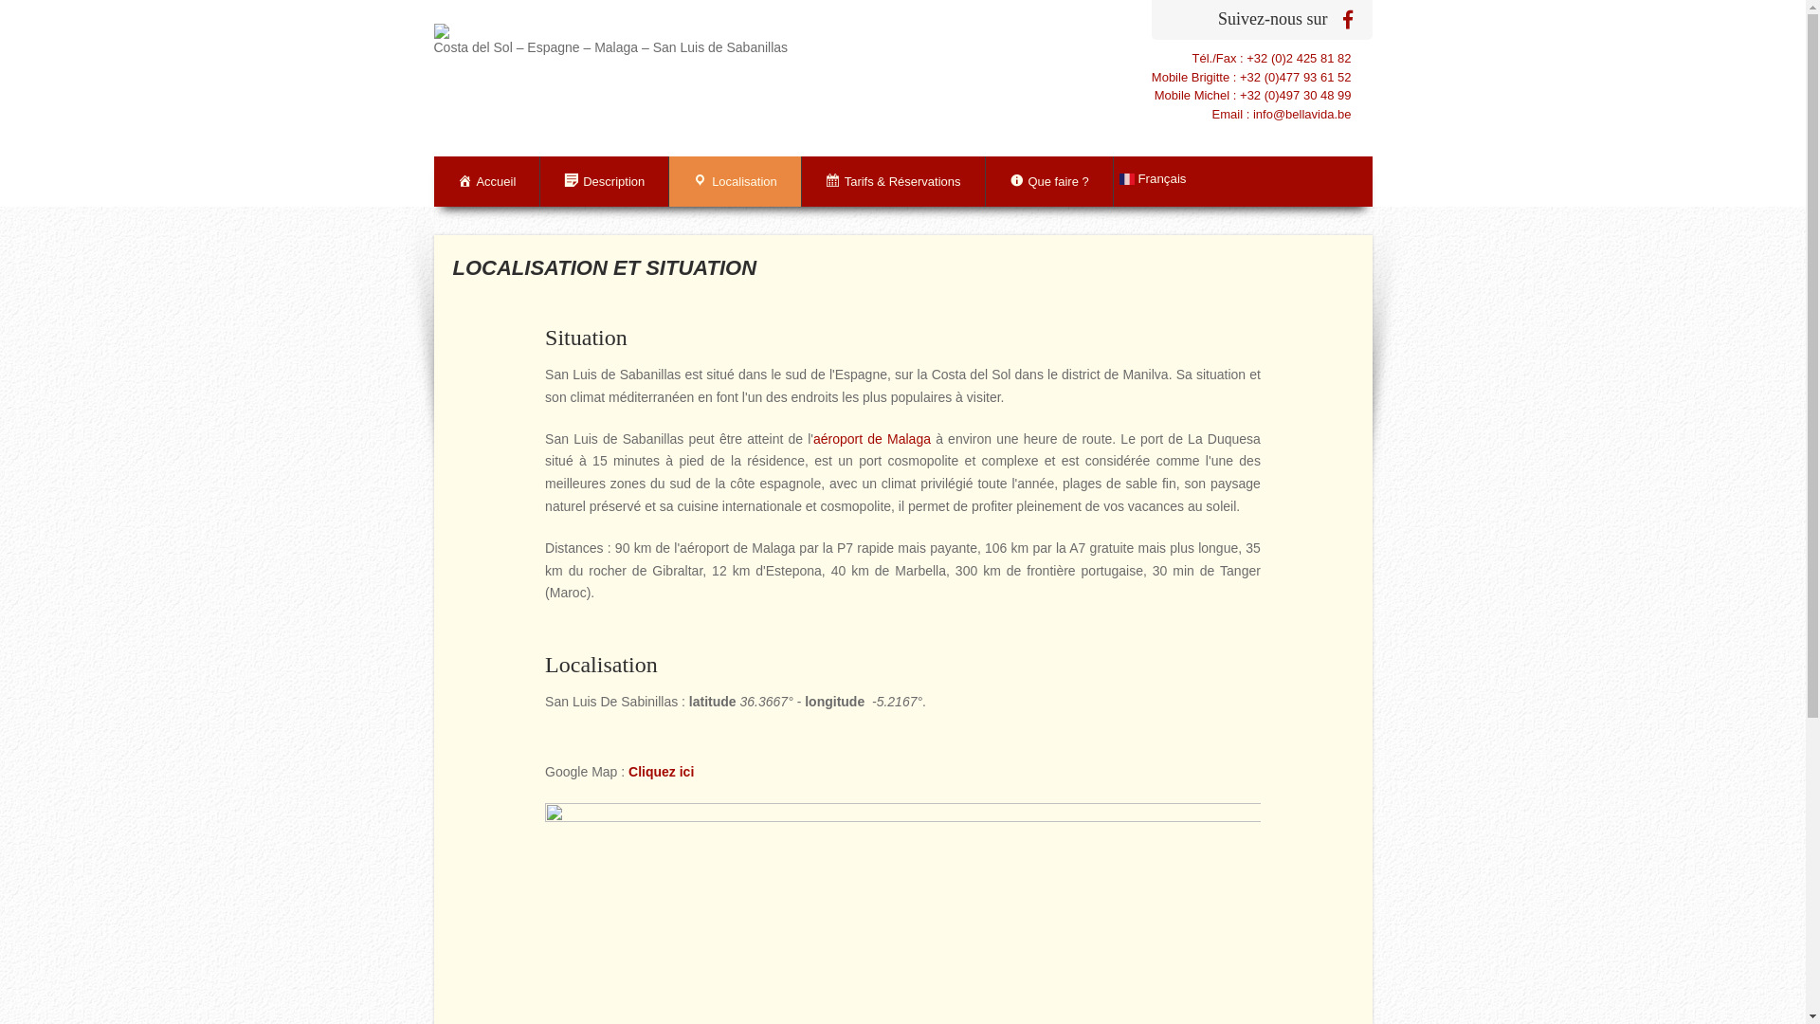 This screenshot has width=1820, height=1024. Describe the element at coordinates (604, 181) in the screenshot. I see `'Description'` at that location.